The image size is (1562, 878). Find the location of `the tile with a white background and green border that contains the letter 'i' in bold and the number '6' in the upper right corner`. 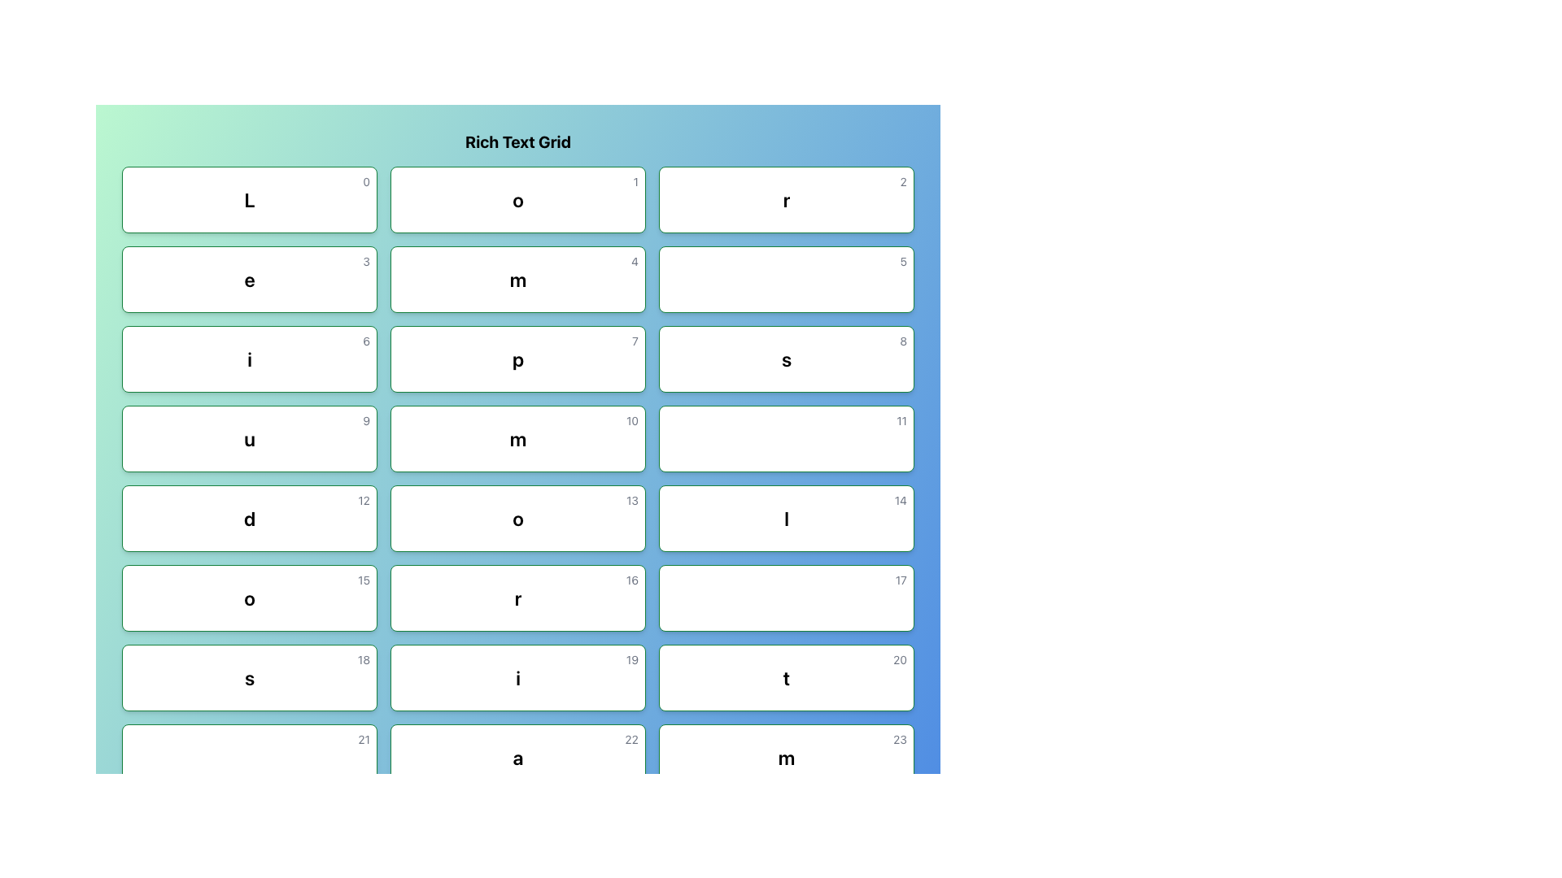

the tile with a white background and green border that contains the letter 'i' in bold and the number '6' in the upper right corner is located at coordinates (249, 359).